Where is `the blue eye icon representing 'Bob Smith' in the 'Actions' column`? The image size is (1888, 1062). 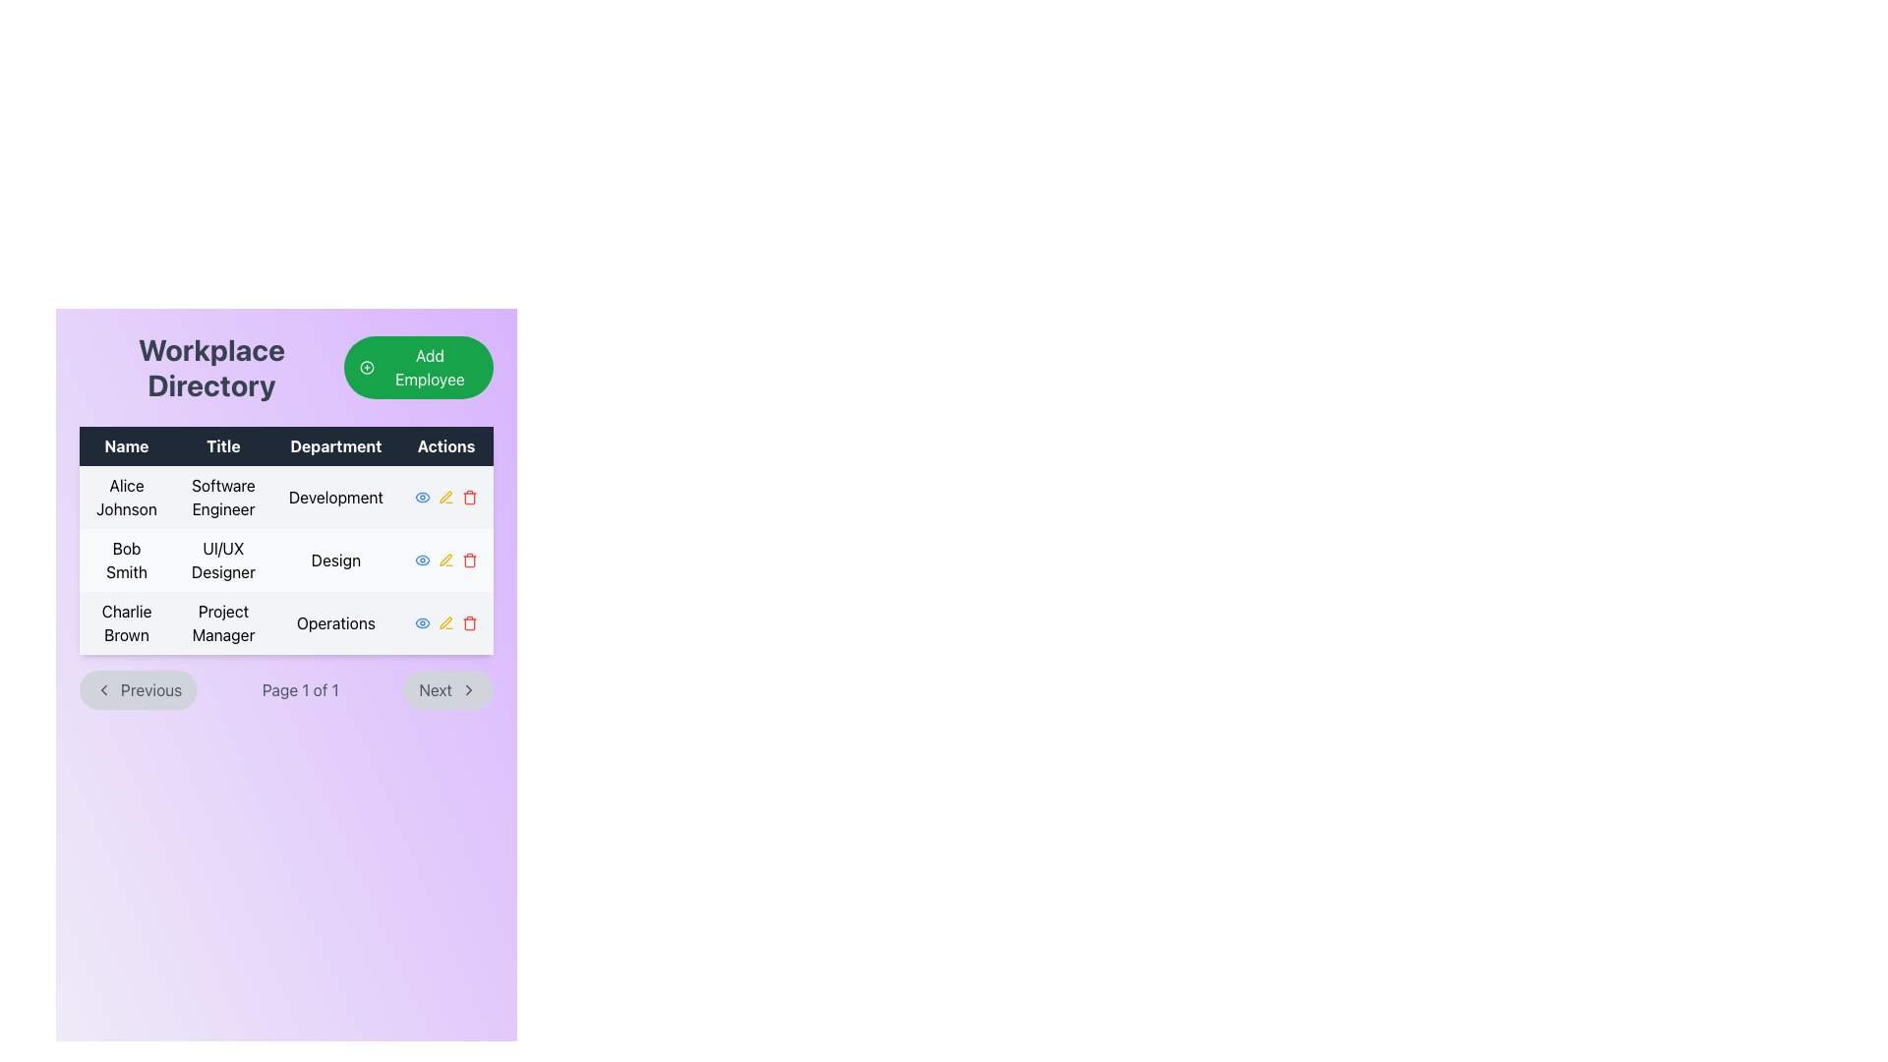 the blue eye icon representing 'Bob Smith' in the 'Actions' column is located at coordinates (421, 560).